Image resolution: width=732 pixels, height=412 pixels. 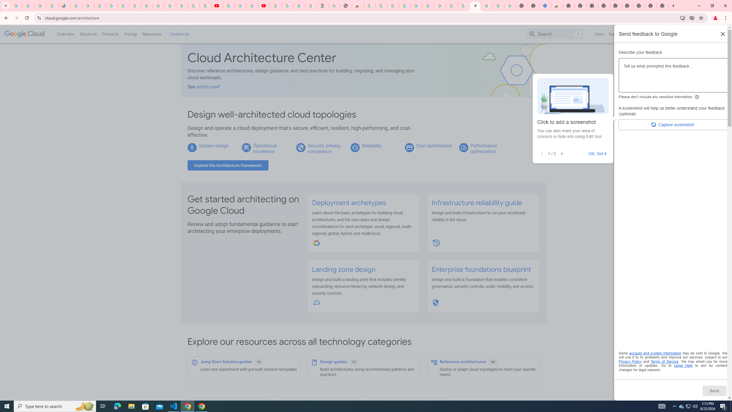 I want to click on 'YouTube', so click(x=228, y=5).